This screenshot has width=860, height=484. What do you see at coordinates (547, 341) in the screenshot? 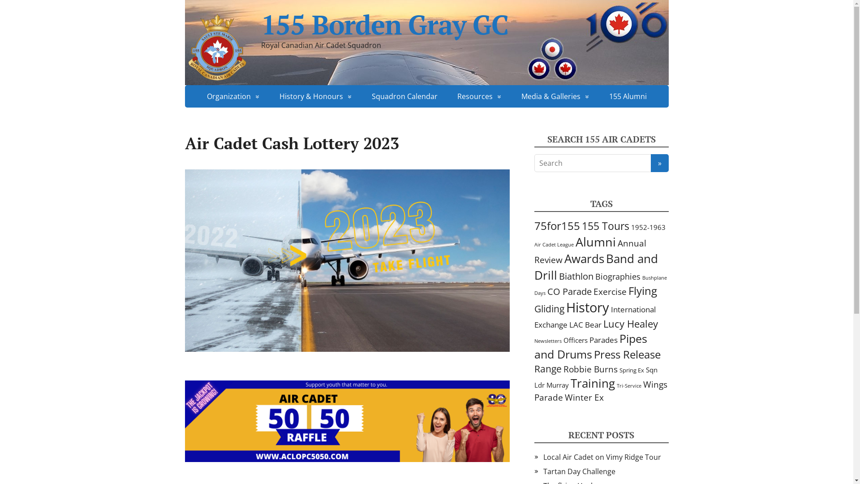
I see `'Newsletters'` at bounding box center [547, 341].